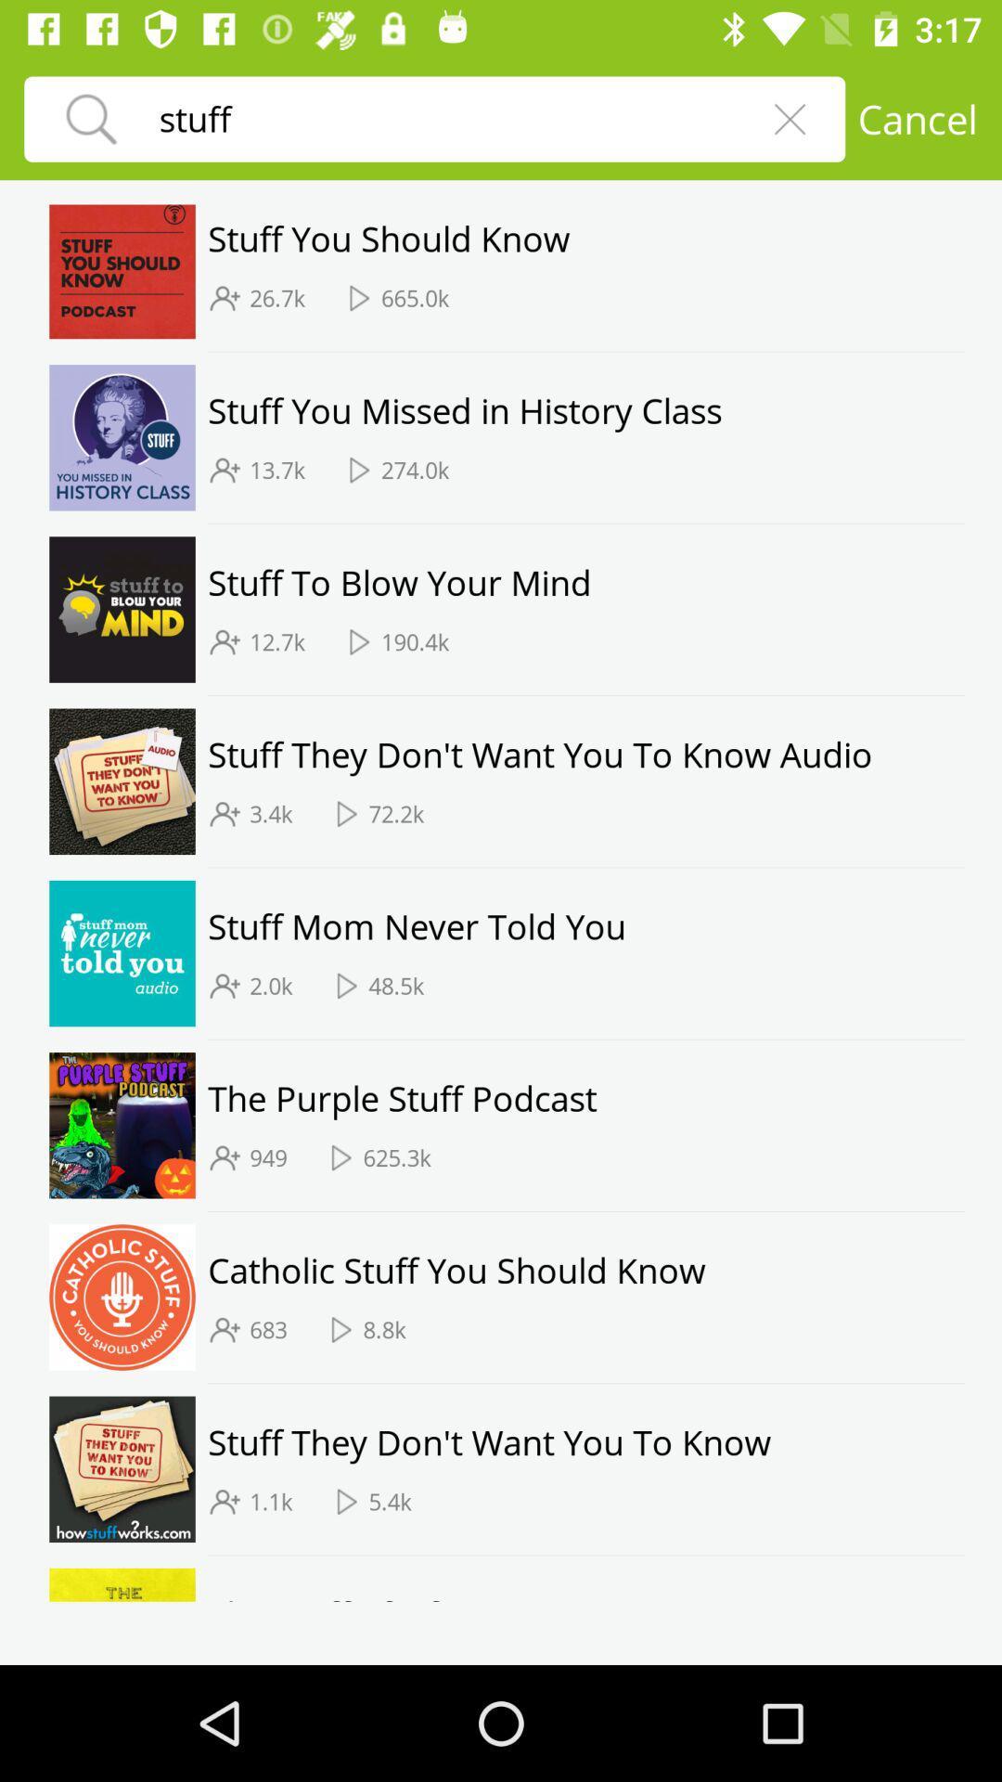  What do you see at coordinates (395, 814) in the screenshot?
I see `the 72.2k` at bounding box center [395, 814].